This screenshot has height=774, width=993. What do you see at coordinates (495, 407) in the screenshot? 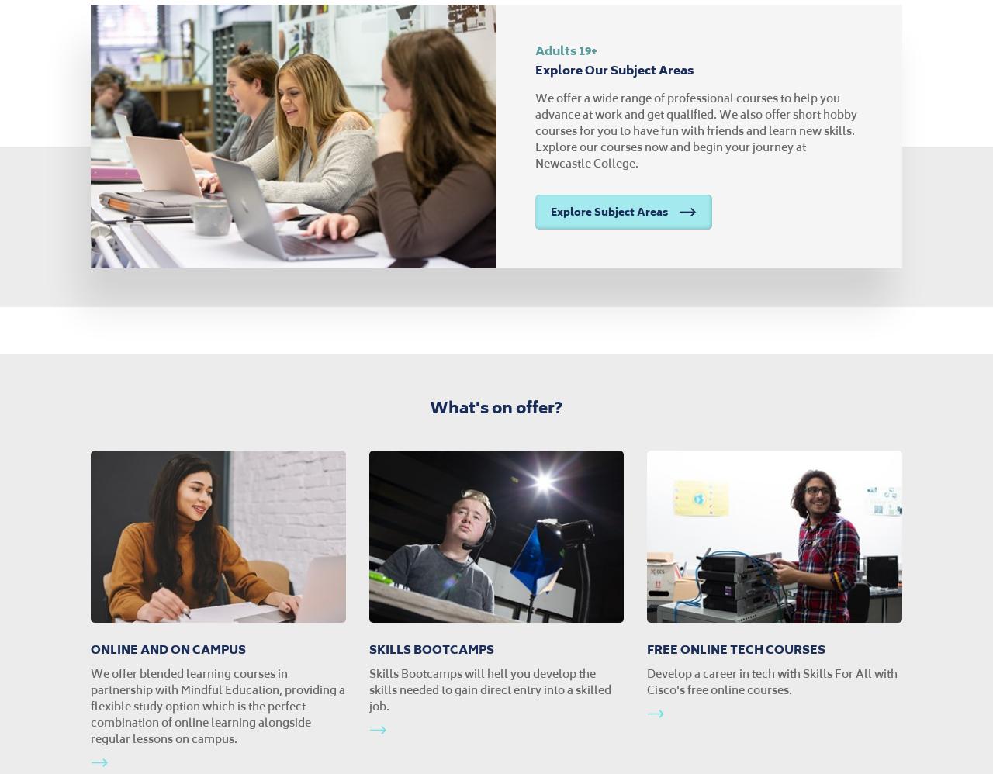
I see `'What's on offer?'` at bounding box center [495, 407].